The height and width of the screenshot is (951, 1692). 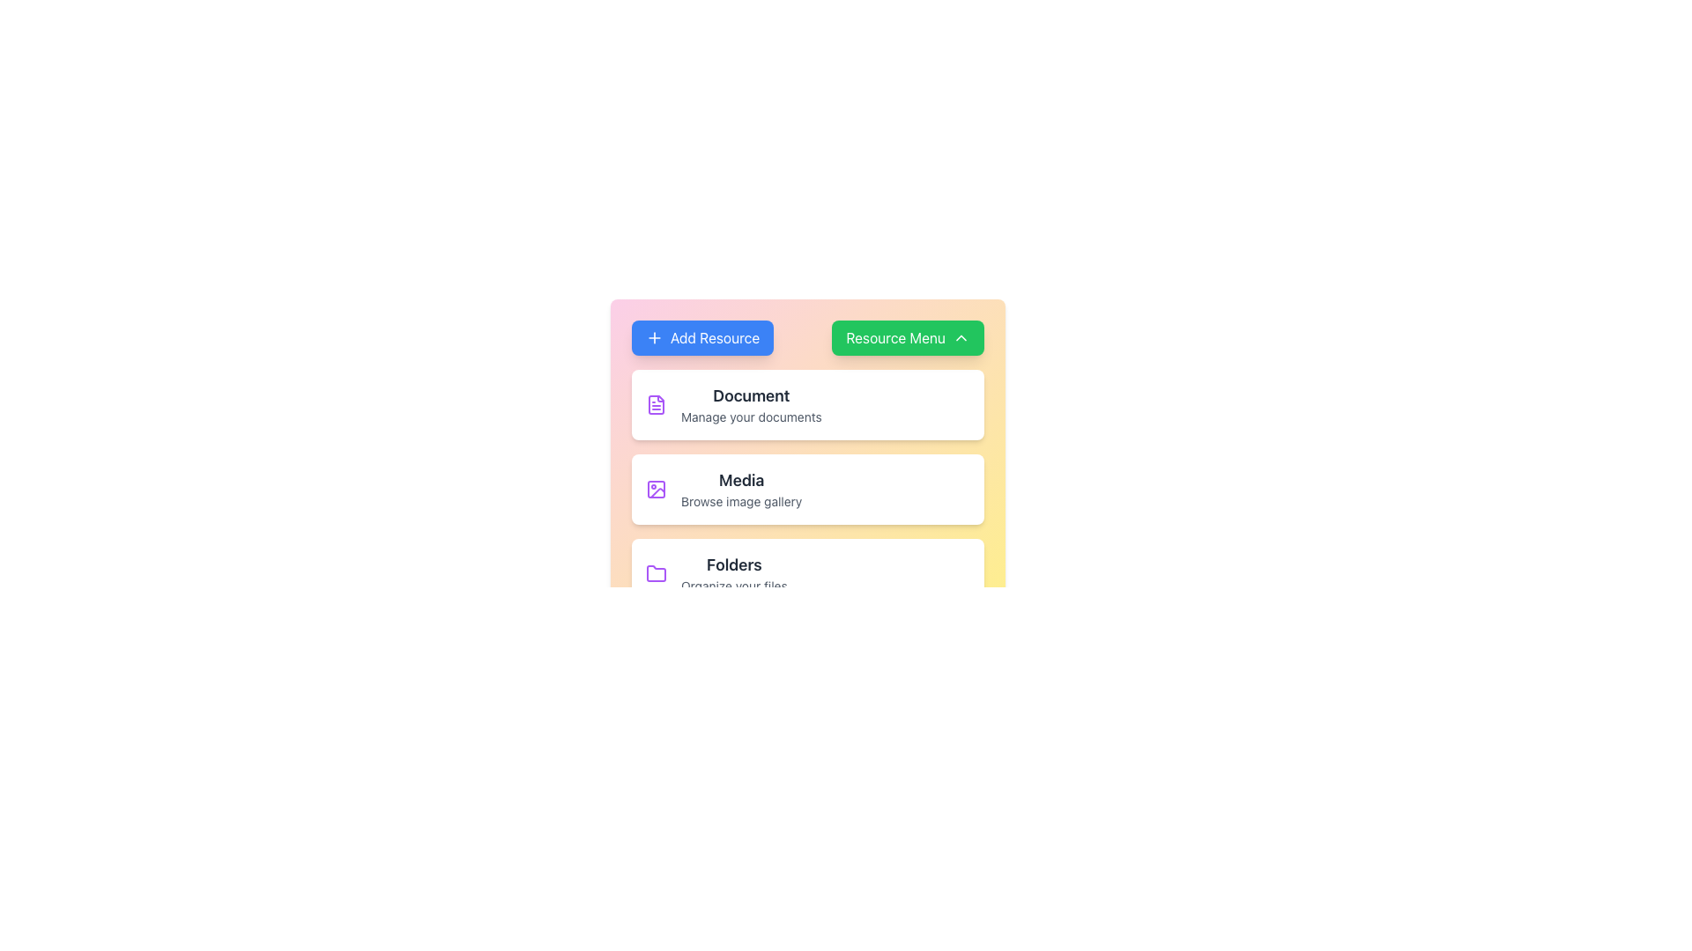 I want to click on the text label that serves as the header for file and folder organization, located centrally in the interface, positioned directly above the 'Organize your files' text element, so click(x=734, y=564).